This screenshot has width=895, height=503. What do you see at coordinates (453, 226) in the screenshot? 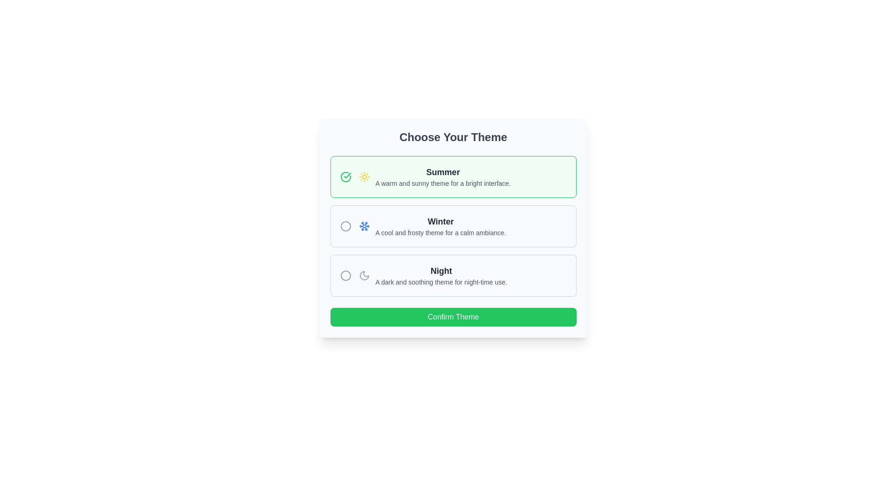
I see `the vertical group of theme options titled 'Choose Your Theme'` at bounding box center [453, 226].